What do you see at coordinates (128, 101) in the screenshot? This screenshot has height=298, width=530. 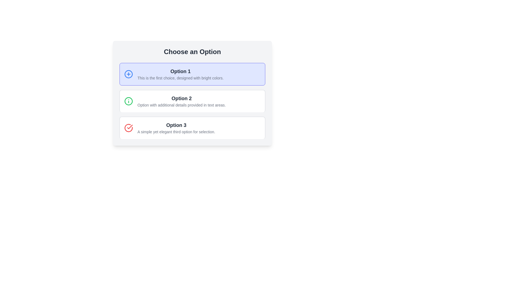 I see `Circular SVG element representing the outer boundary of the icon next to 'Option 2' in the selection list` at bounding box center [128, 101].